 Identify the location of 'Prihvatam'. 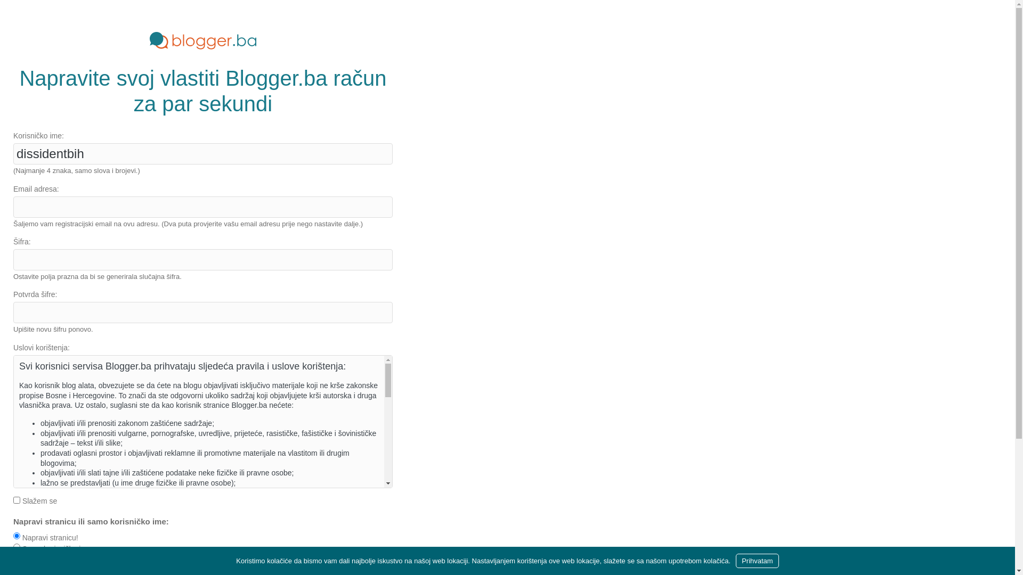
(735, 560).